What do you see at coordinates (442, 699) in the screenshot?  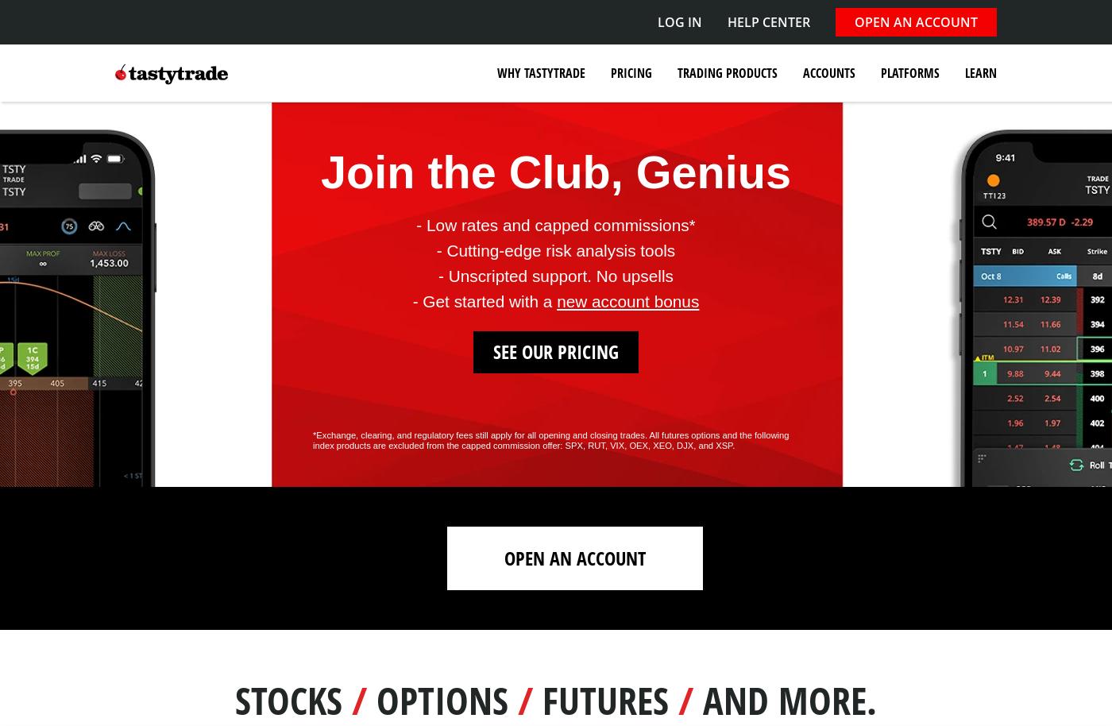 I see `'Options'` at bounding box center [442, 699].